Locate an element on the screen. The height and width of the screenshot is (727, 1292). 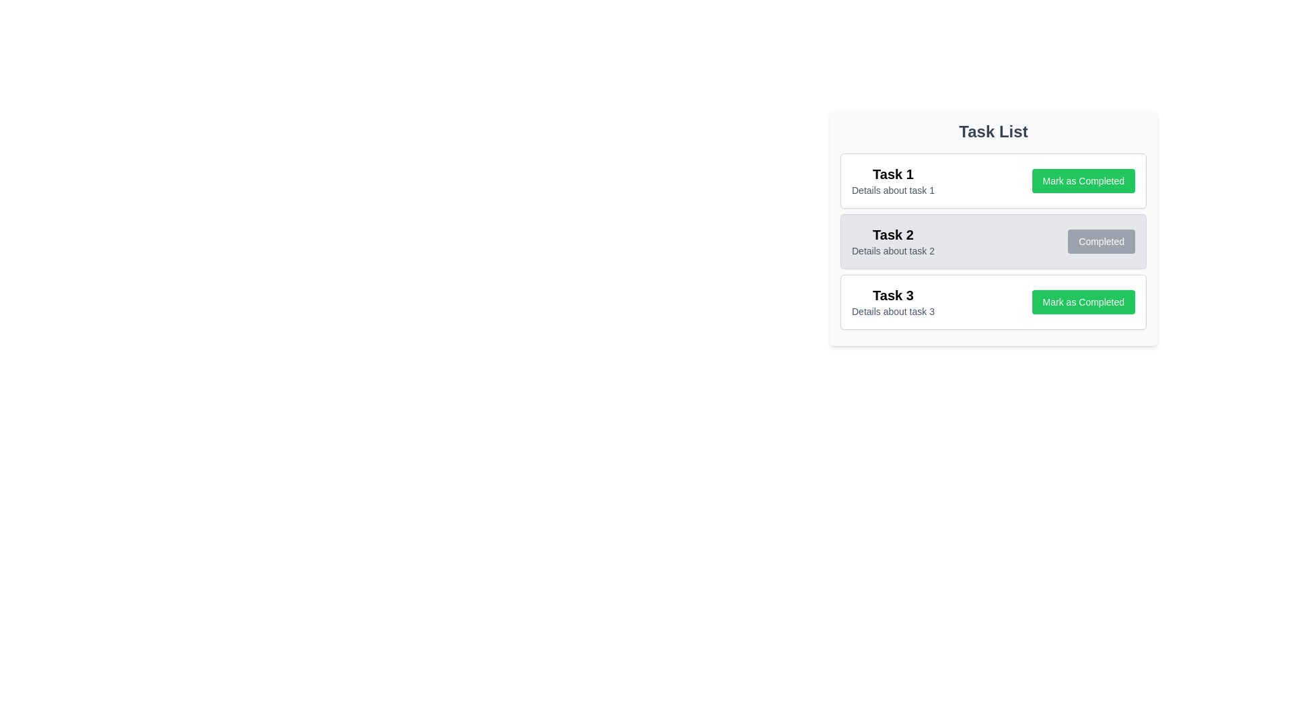
the Text block that provides a title and description for 'Task 1', located in the upper-left corner of the task card above the 'Mark as Completed' button is located at coordinates (893, 180).